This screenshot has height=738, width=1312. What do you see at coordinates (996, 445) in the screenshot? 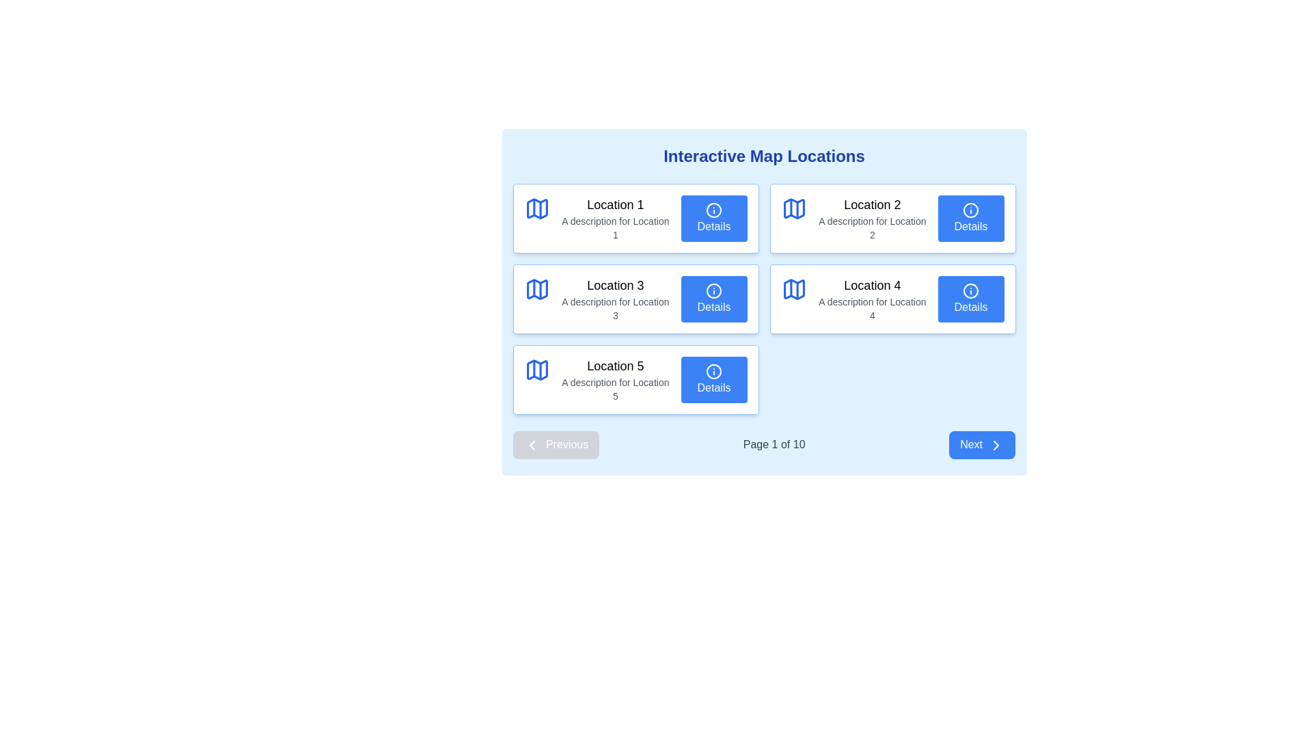
I see `the 'Next' button located in the bottom right corner of the interface, which contains the forward navigation icon to proceed to the next page or section` at bounding box center [996, 445].